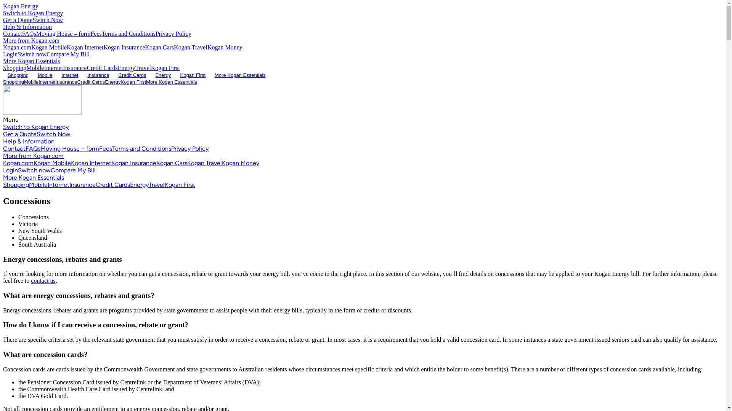  Describe the element at coordinates (126, 67) in the screenshot. I see `'Energy'` at that location.